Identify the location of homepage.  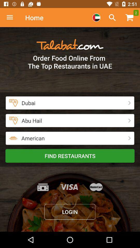
(12, 18).